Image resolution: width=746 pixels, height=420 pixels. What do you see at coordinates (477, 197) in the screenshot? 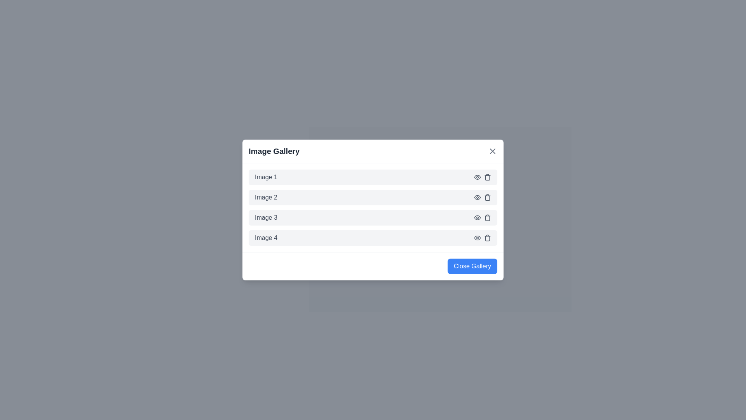
I see `the leftmost icon button in the 'Image 2' row of the 'Image Gallery' modal` at bounding box center [477, 197].